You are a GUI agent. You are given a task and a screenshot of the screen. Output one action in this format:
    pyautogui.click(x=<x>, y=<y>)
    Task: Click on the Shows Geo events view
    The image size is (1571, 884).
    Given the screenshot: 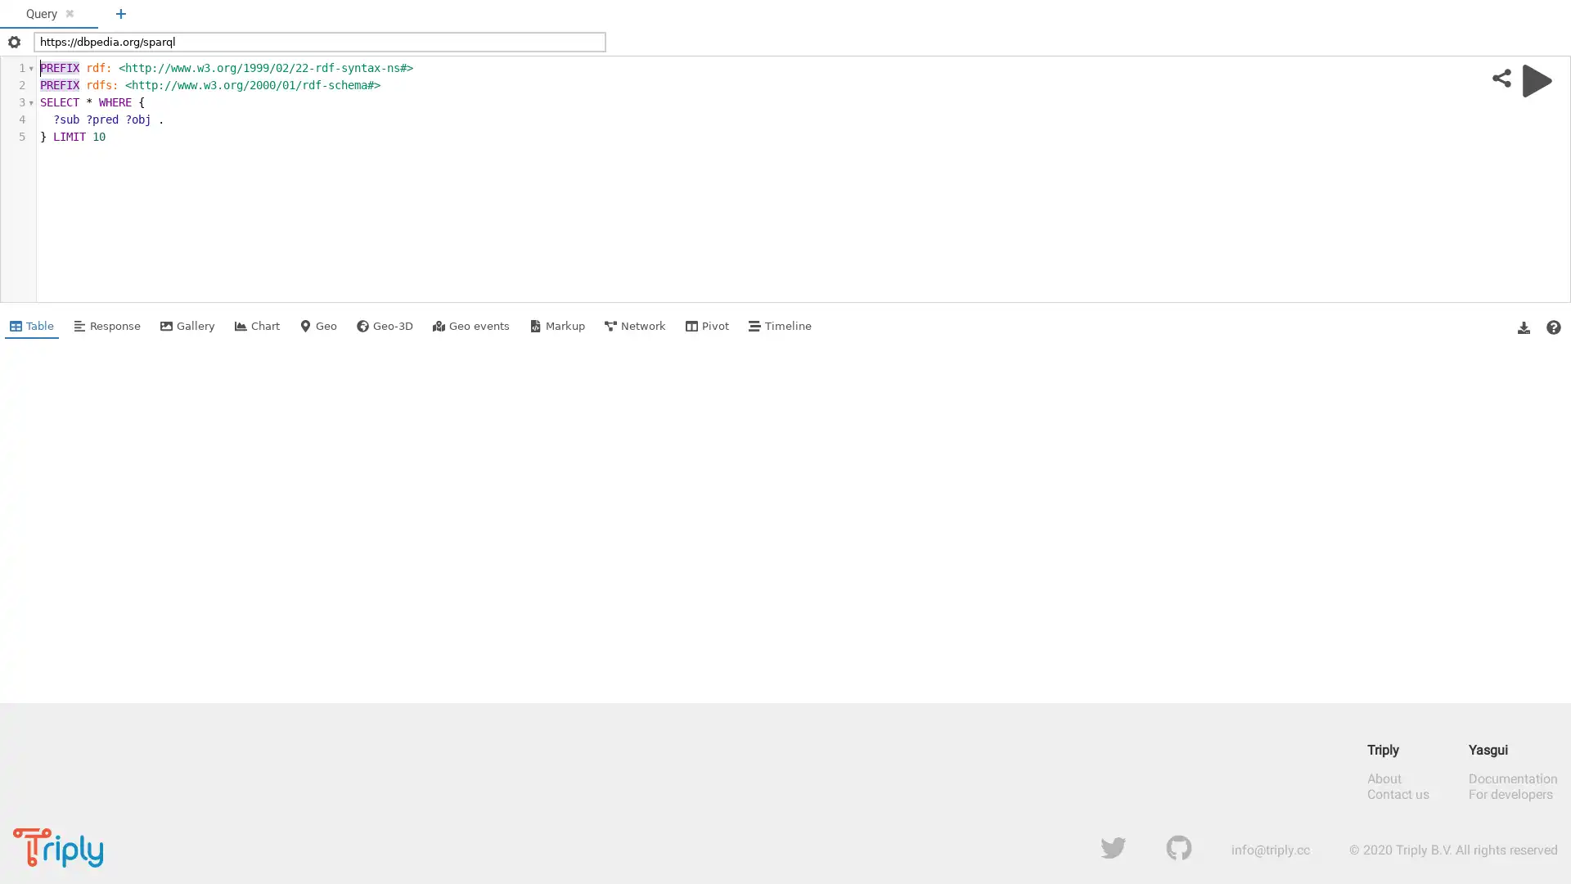 What is the action you would take?
    pyautogui.click(x=470, y=327)
    